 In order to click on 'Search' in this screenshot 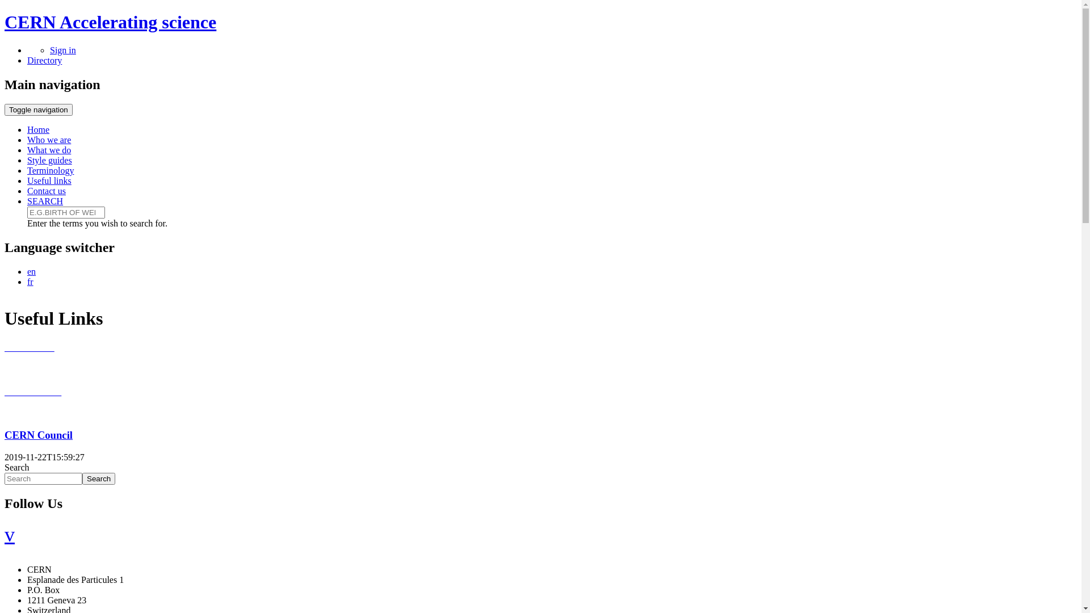, I will do `click(98, 478)`.